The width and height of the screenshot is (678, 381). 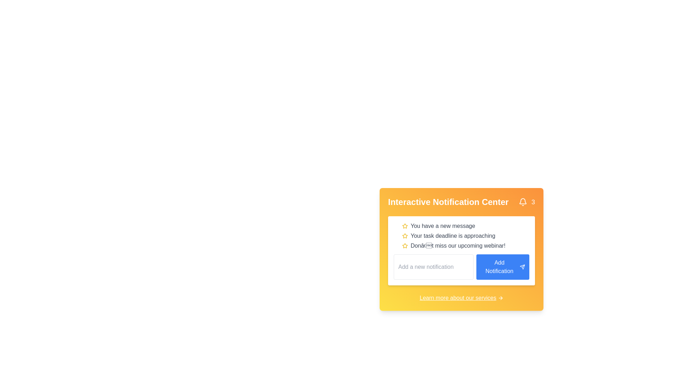 I want to click on text label that serves as the main title for the notification panel, located at the top-left corner of the panel, to the left of the number icon and bell icon, so click(x=448, y=202).